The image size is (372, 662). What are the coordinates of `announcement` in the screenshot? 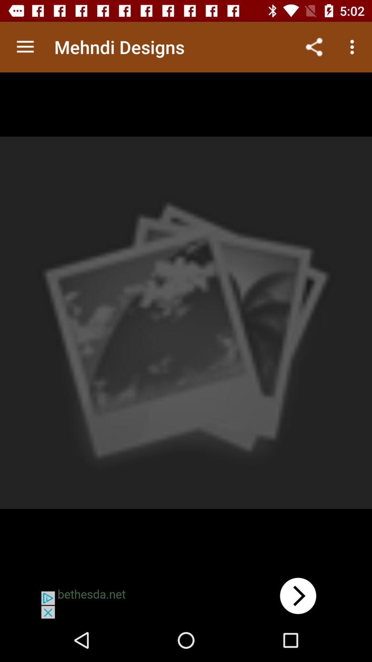 It's located at (186, 595).